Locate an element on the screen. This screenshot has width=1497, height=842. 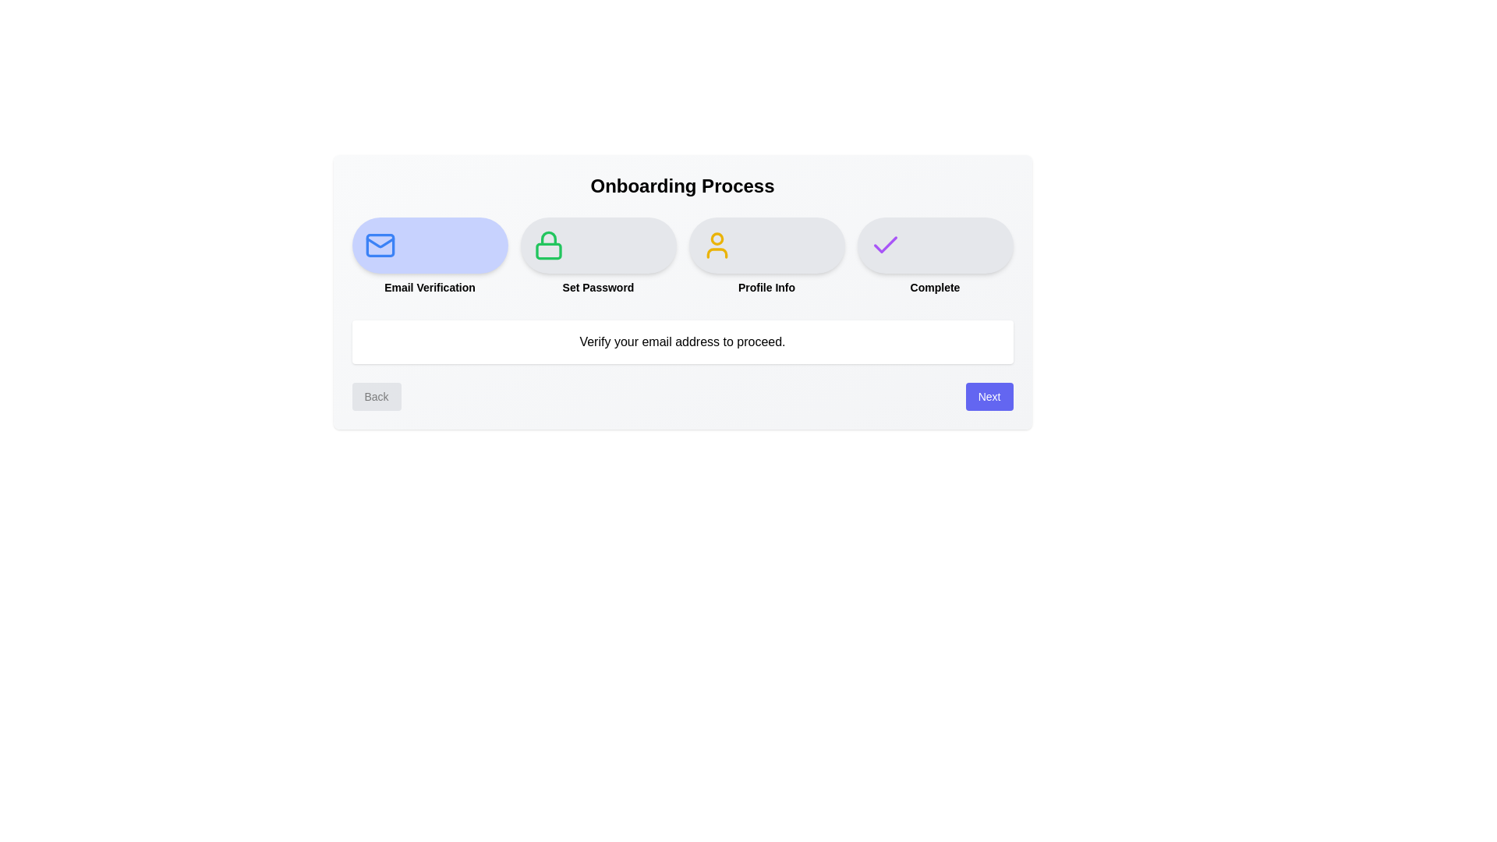
the Back button to navigate the onboarding steps is located at coordinates (377, 396).